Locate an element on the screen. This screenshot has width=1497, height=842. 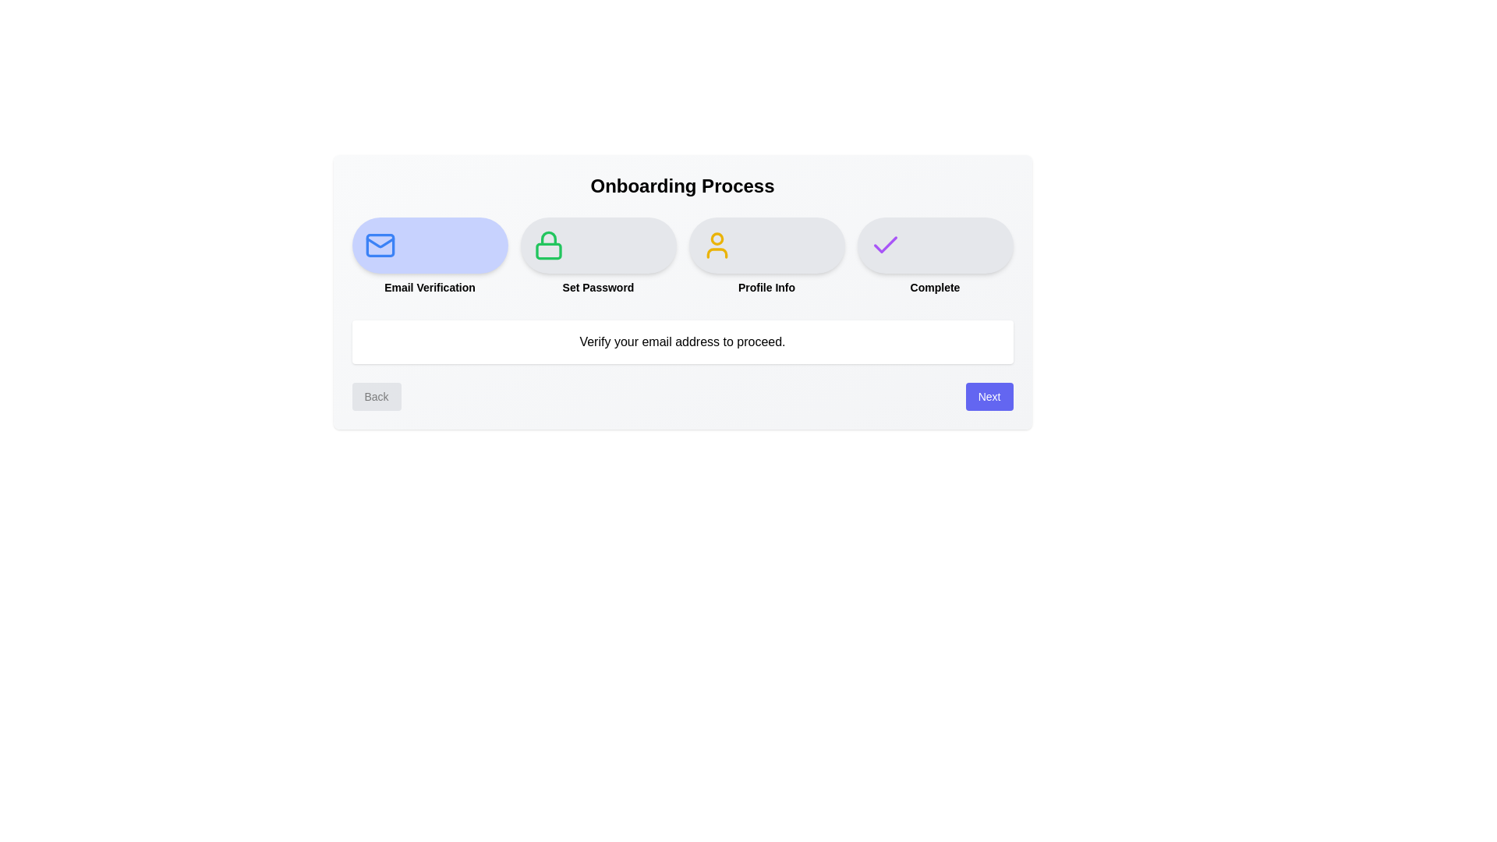
the Back button to navigate the onboarding steps is located at coordinates (377, 396).